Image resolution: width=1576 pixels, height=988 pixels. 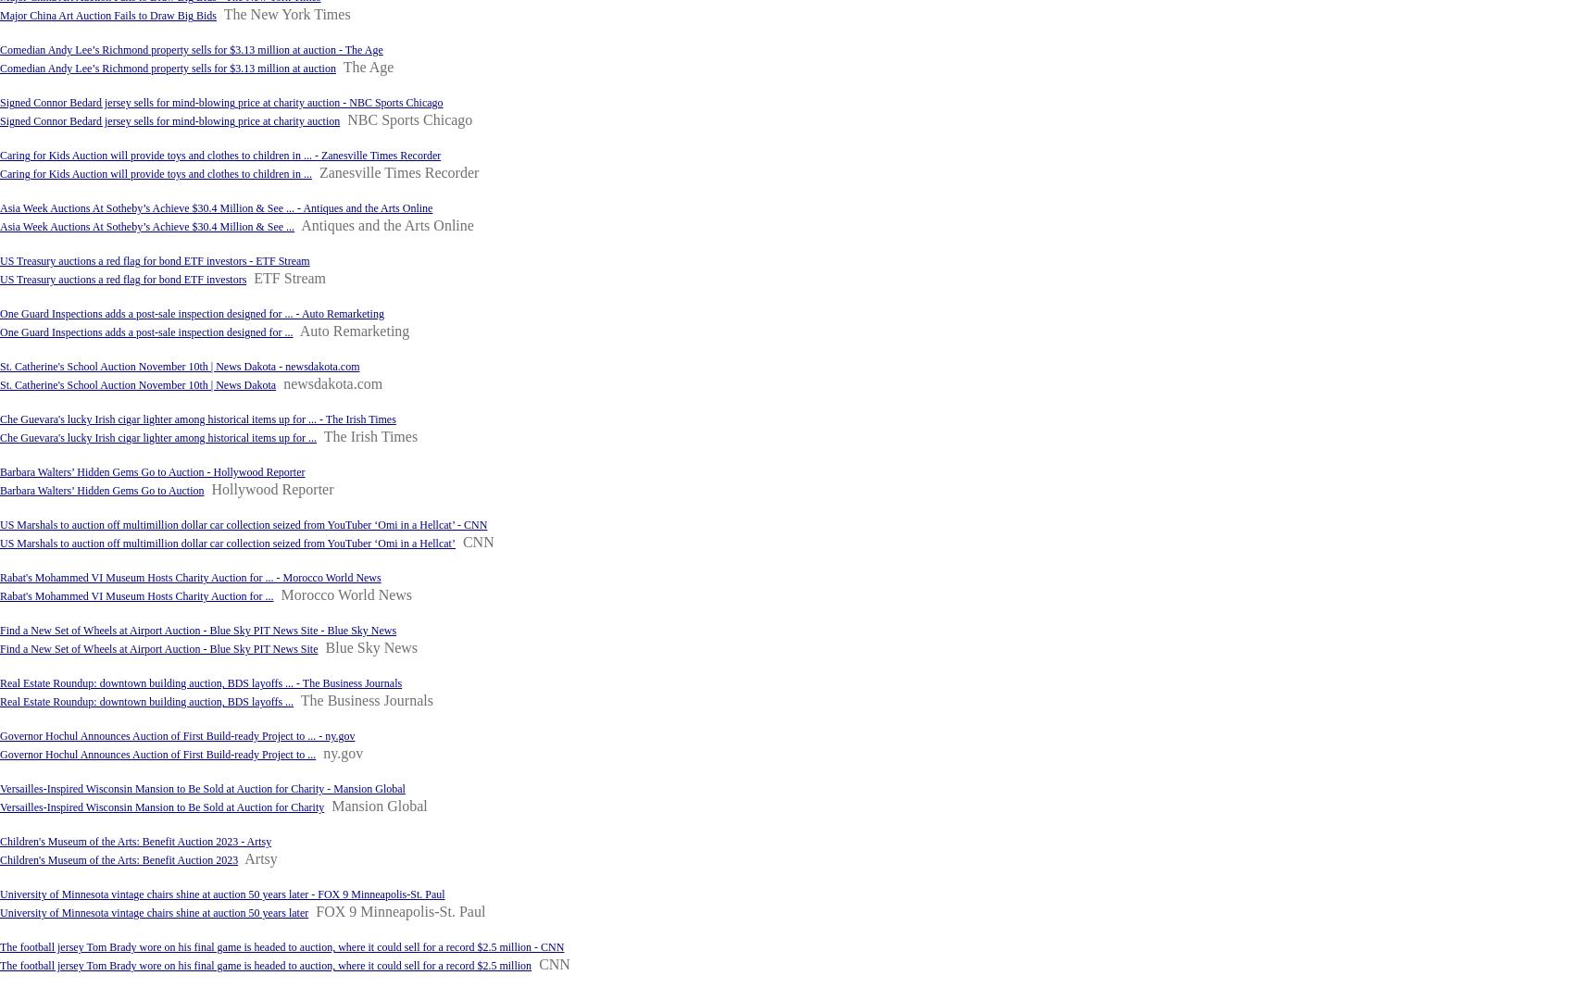 I want to click on 'Hollywood Reporter', so click(x=210, y=488).